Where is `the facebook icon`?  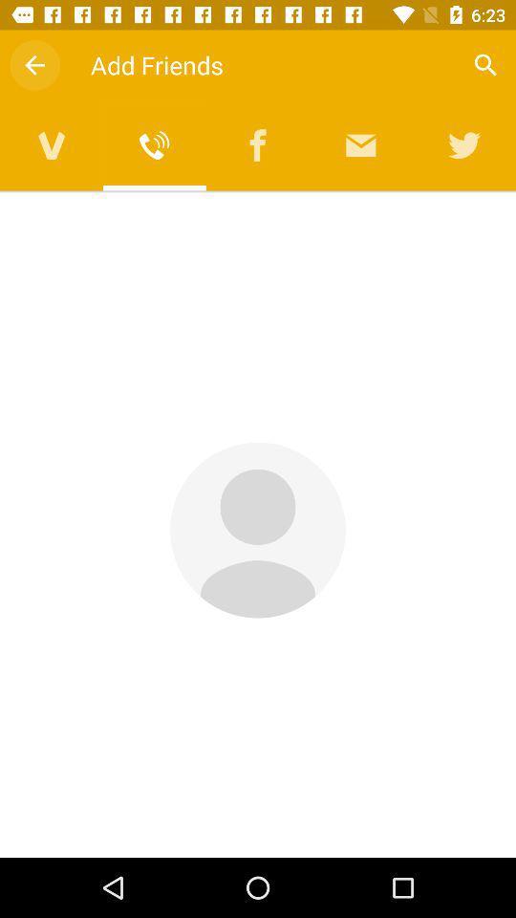 the facebook icon is located at coordinates (258, 144).